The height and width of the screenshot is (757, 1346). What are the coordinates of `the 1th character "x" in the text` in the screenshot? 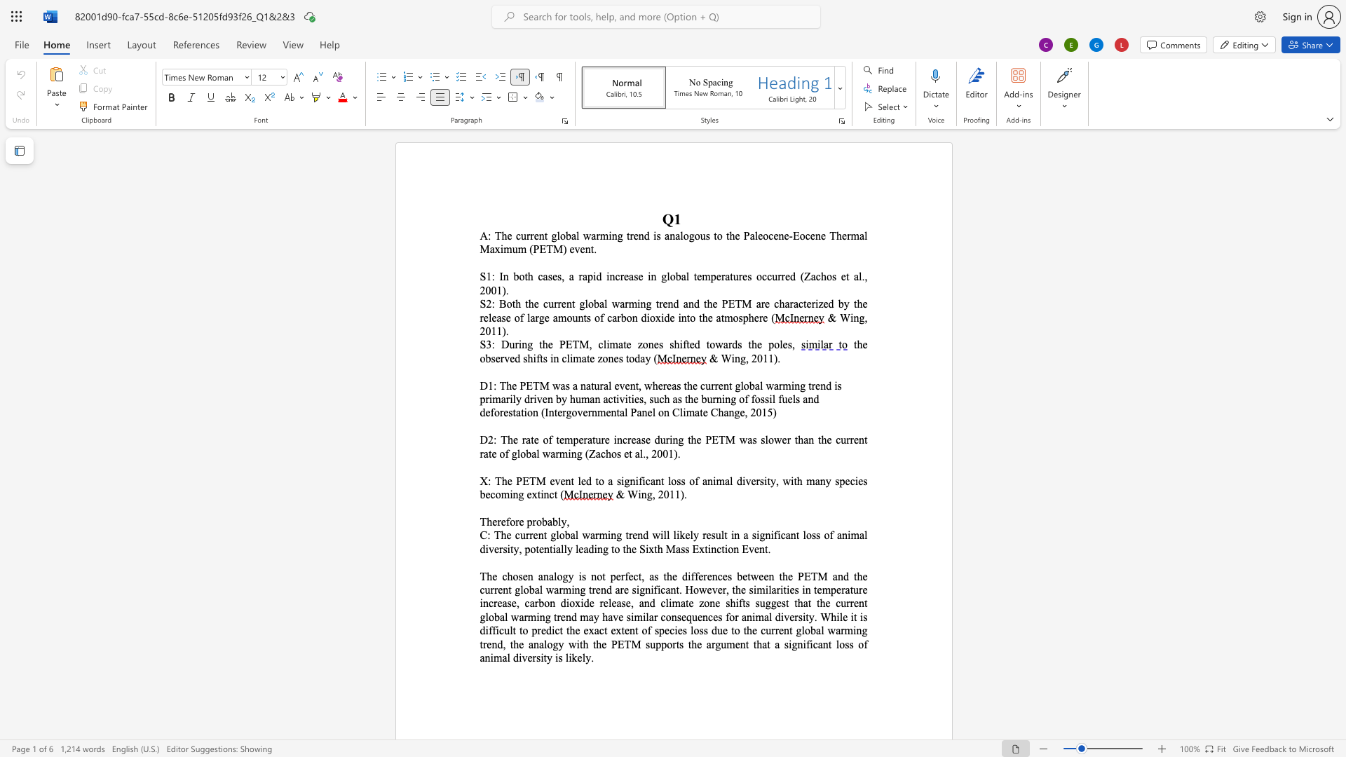 It's located at (658, 318).